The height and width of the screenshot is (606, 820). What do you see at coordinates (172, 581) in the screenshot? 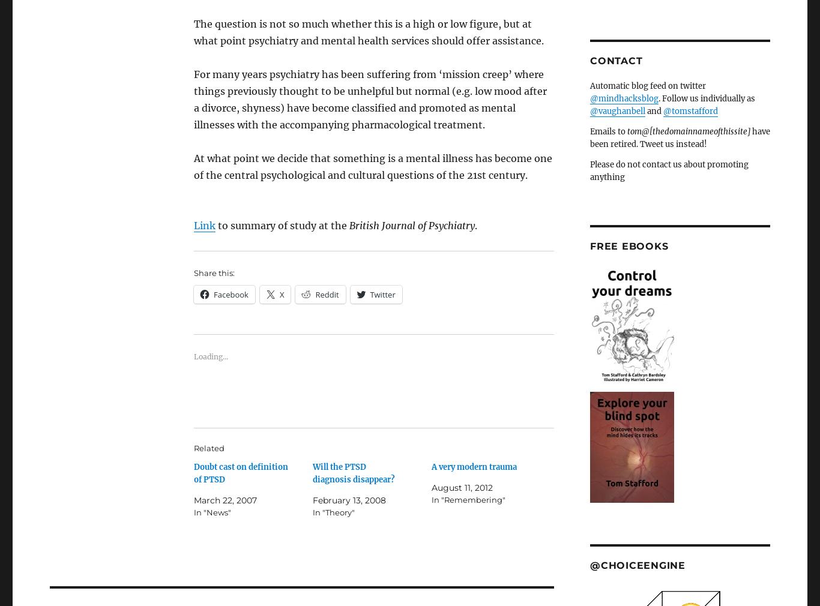
I see `'10 thoughts on “The class of 77%”'` at bounding box center [172, 581].